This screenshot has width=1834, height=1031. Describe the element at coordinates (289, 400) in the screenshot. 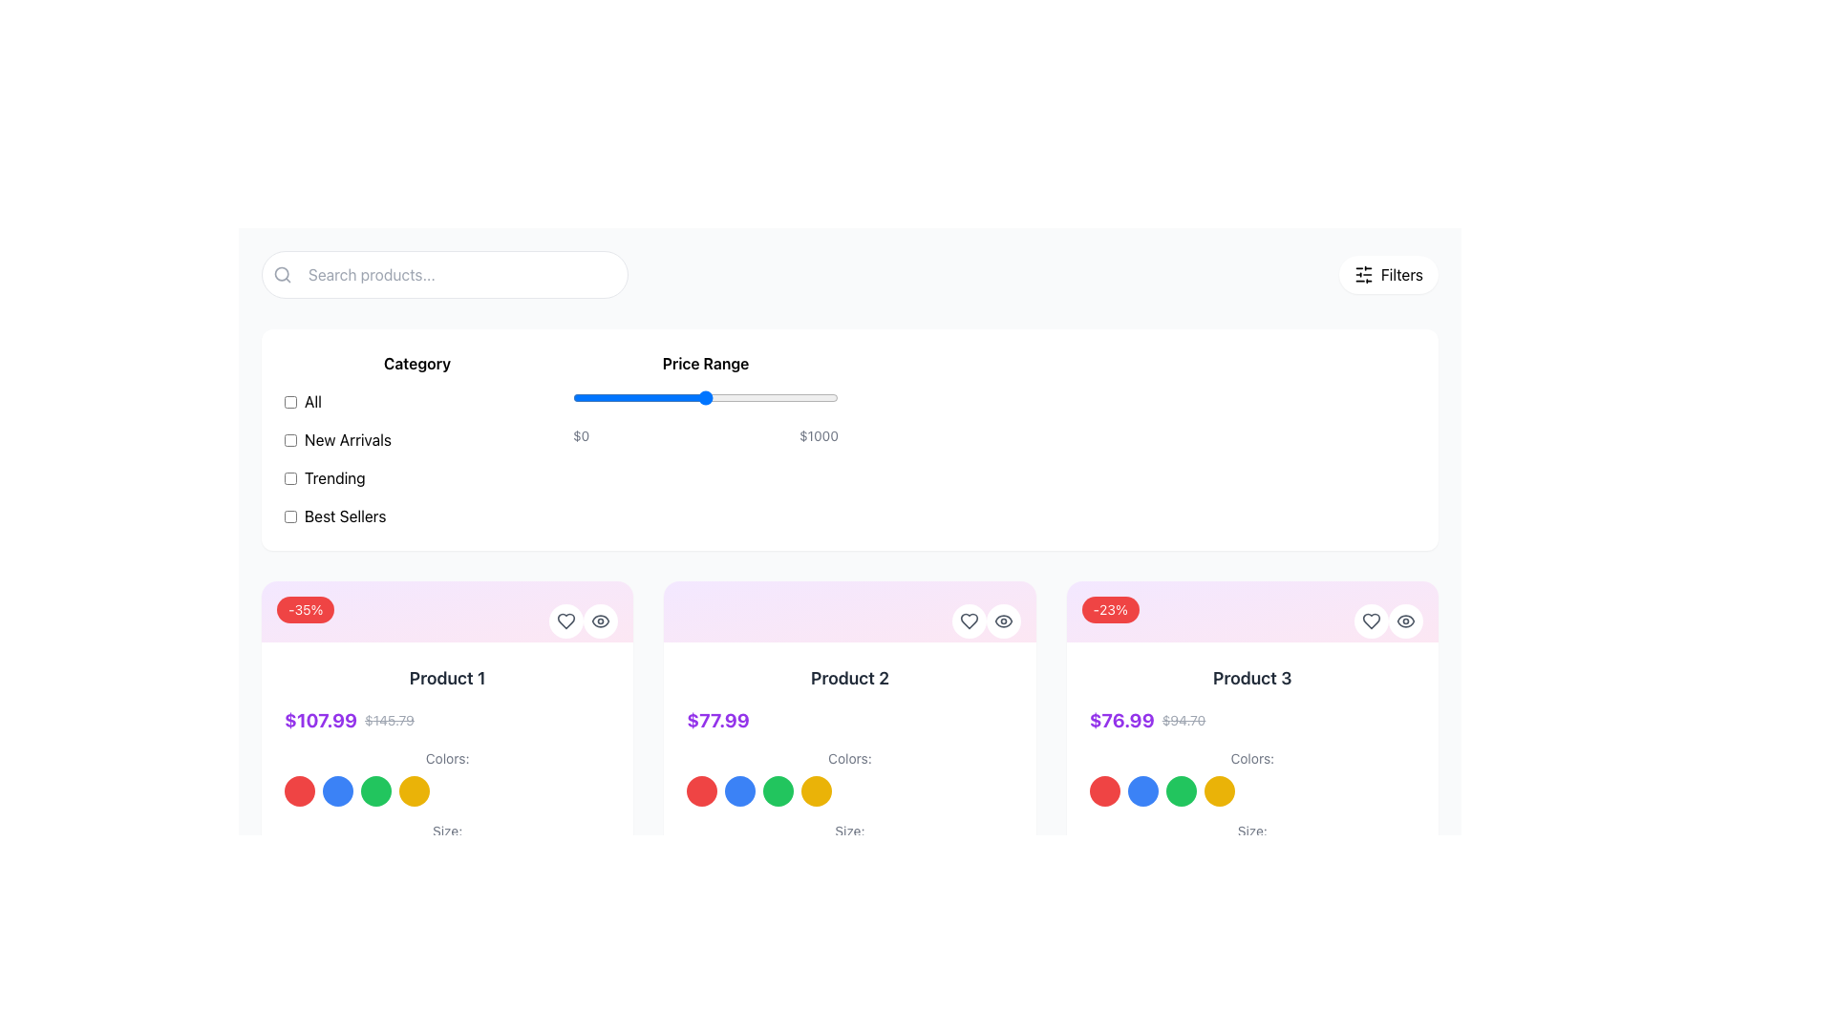

I see `the checkbox located at the top of the 'Category' list` at that location.